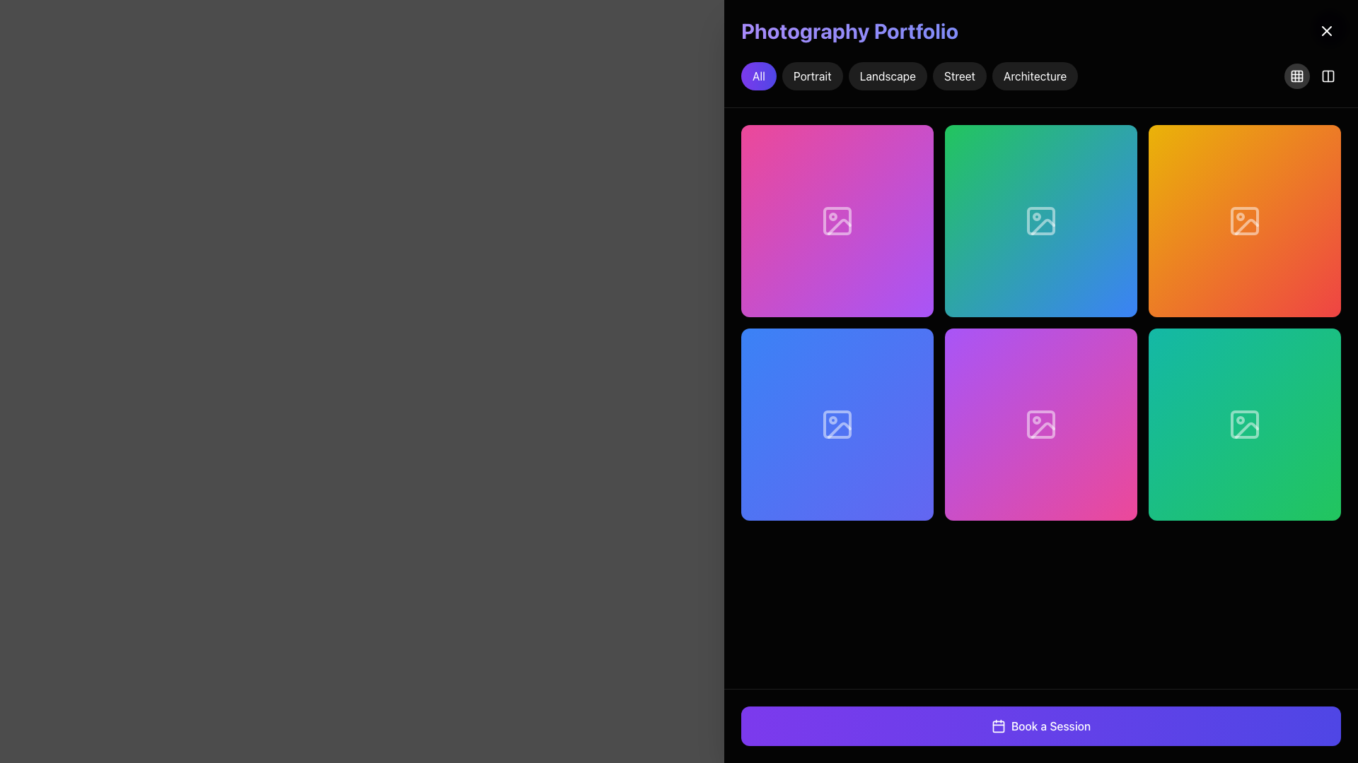  I want to click on the Interactive visual tile with a gradient background transitioning from purple to pink, featuring a white outline photo frame icon at its center, located in the second row and middle column of the grid, so click(1041, 424).